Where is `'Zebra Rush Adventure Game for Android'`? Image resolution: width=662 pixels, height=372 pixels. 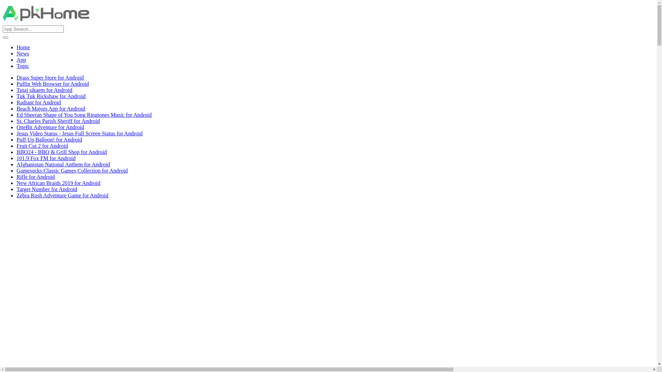
'Zebra Rush Adventure Game for Android' is located at coordinates (62, 195).